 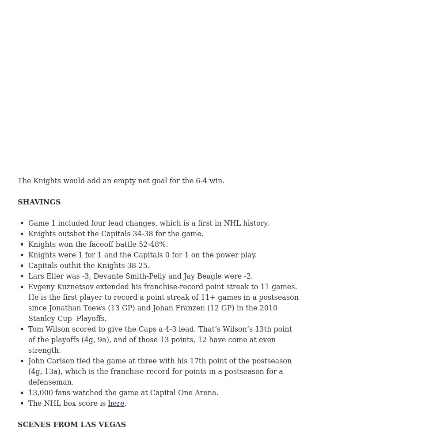 I want to click on 'John Carlson tied the game at three with his 17th point of the postseason (4g, 13a), which is the franchise record for points in a postseason for a defenseman.', so click(x=160, y=371).